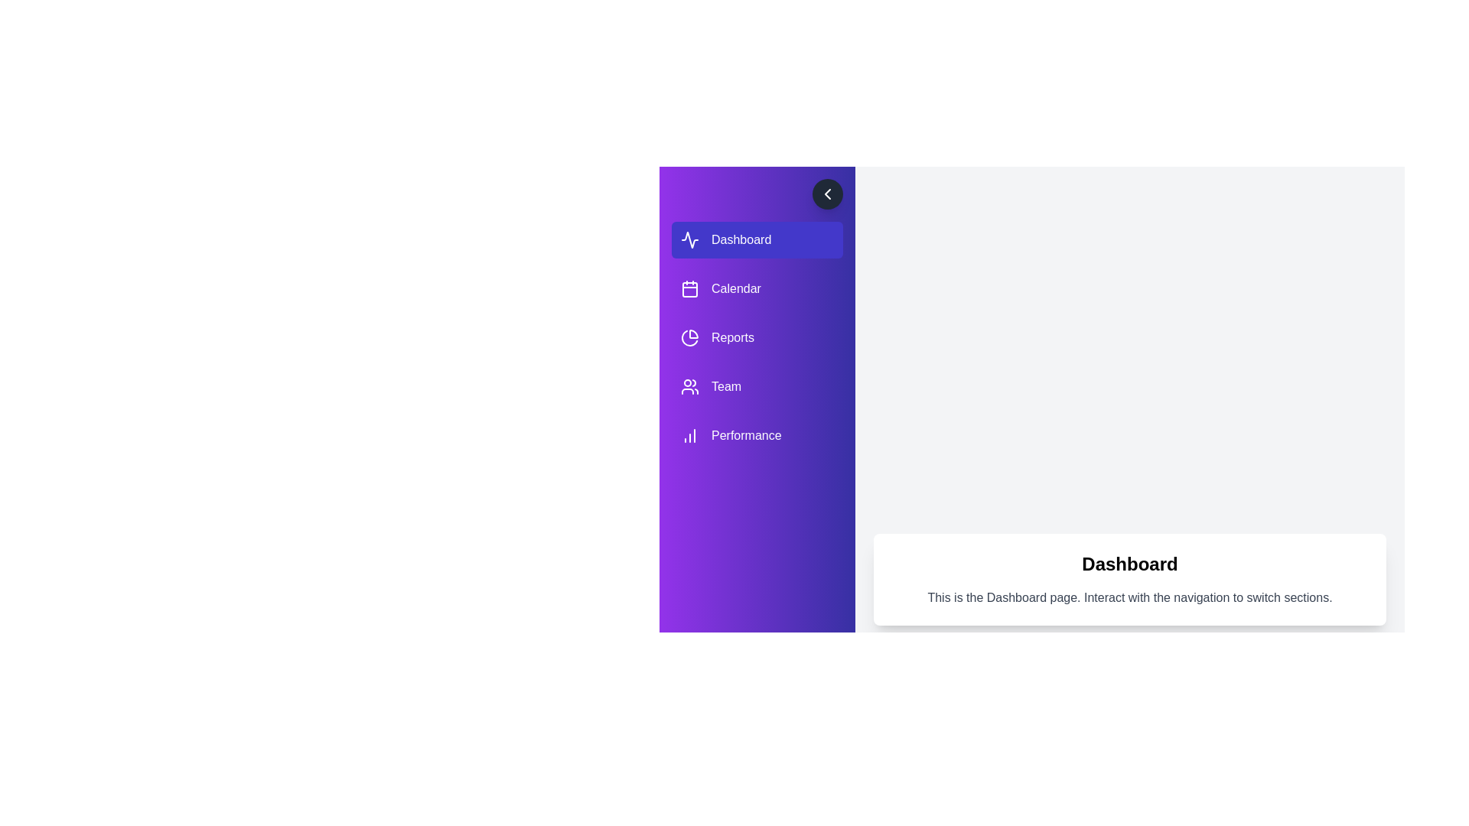  Describe the element at coordinates (757, 337) in the screenshot. I see `the navigation item labeled Reports` at that location.